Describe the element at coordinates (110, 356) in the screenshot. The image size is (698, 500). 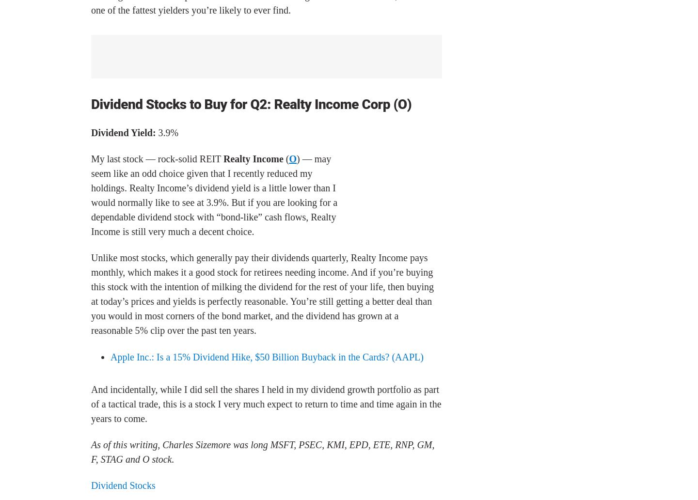
I see `'Apple Inc.: Is a 15% Dividend Hike, $50 Billion Buyback in the Cards? (AAPL)'` at that location.